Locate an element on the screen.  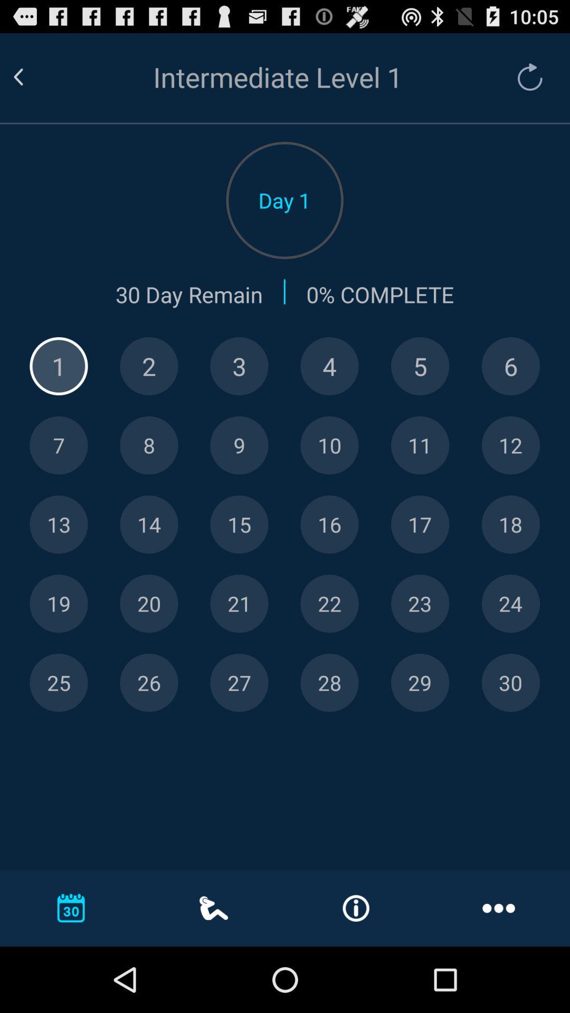
15 is located at coordinates (239, 524).